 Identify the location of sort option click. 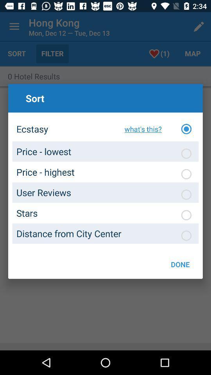
(186, 215).